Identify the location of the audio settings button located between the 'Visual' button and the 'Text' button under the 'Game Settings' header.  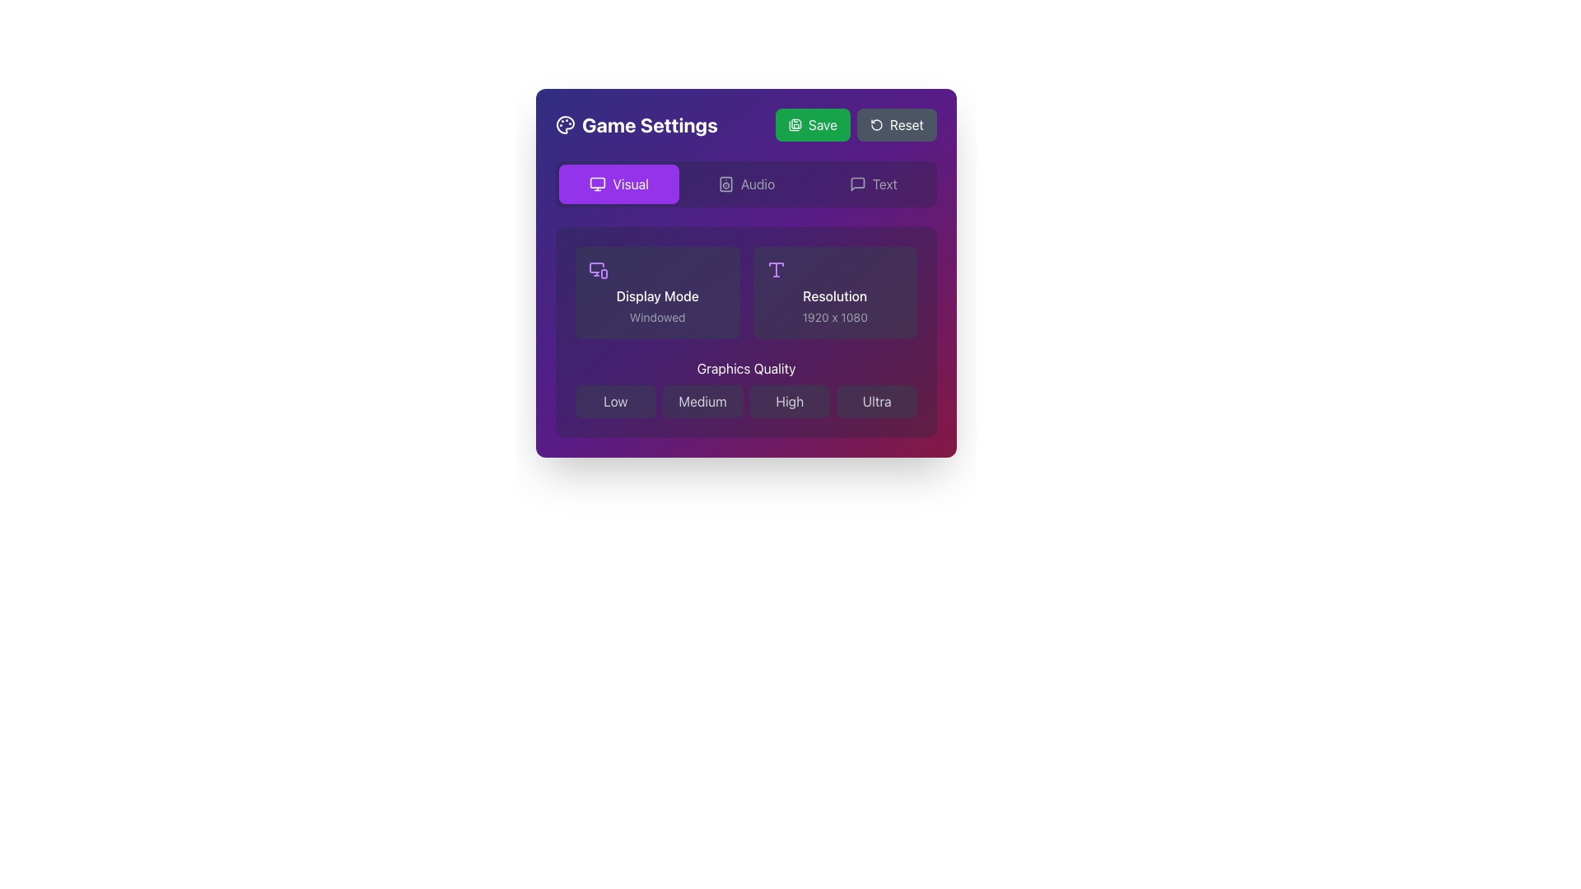
(745, 184).